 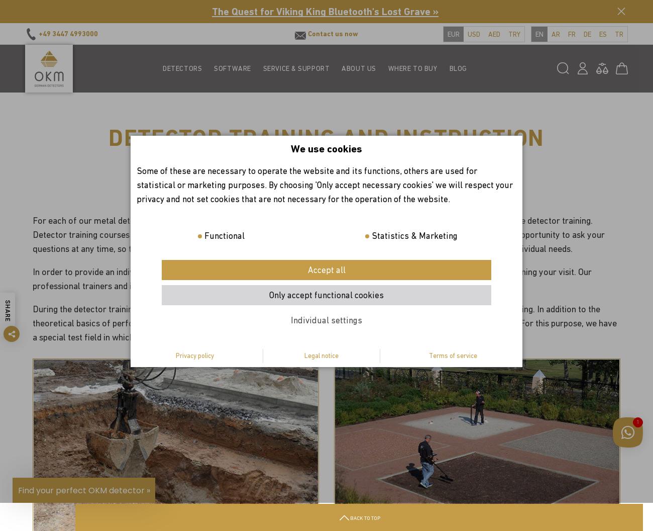 I want to click on 'The Quest for Viking King Bluetooth's Lost Grave »', so click(x=325, y=12).